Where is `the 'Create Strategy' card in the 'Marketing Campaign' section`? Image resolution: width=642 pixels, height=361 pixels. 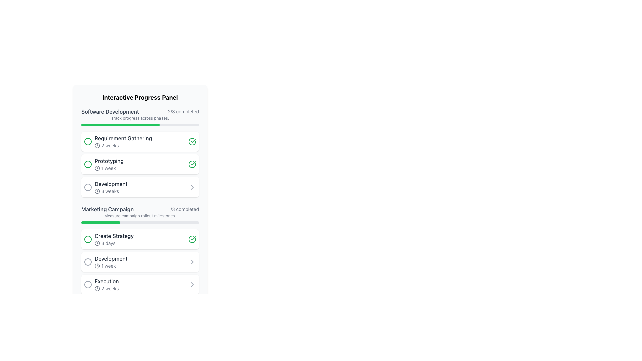 the 'Create Strategy' card in the 'Marketing Campaign' section is located at coordinates (139, 239).